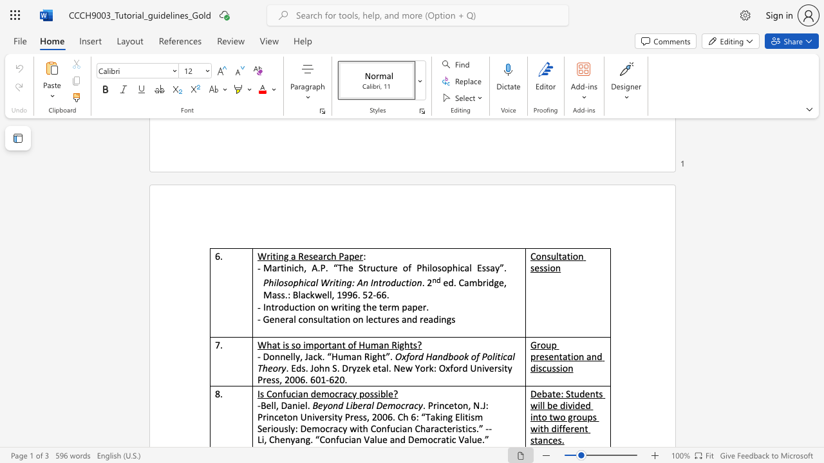 The height and width of the screenshot is (463, 824). Describe the element at coordinates (335, 393) in the screenshot. I see `the subset text "cracy possi" within the text "Is Confucian democracy possible?"` at that location.